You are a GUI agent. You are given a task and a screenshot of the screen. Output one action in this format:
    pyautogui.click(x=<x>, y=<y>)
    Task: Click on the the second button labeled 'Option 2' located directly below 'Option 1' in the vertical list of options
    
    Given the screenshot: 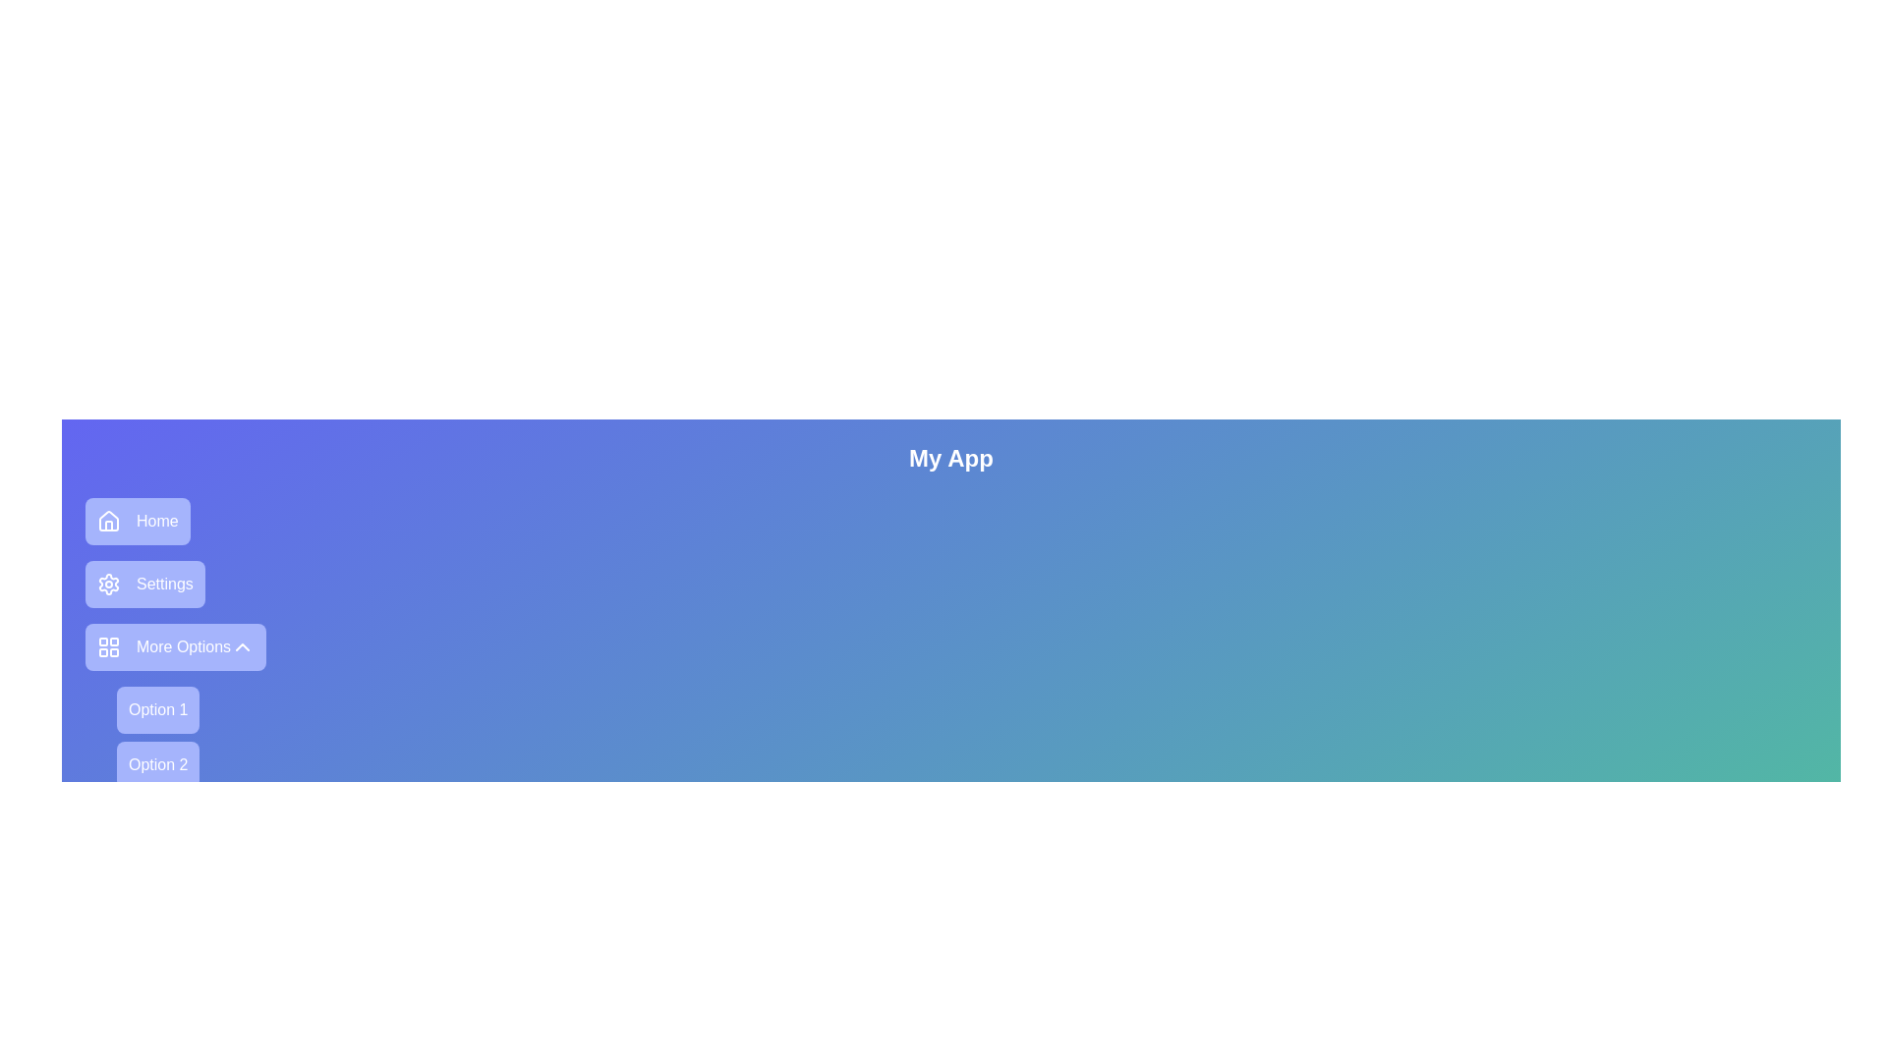 What is the action you would take?
    pyautogui.click(x=158, y=764)
    